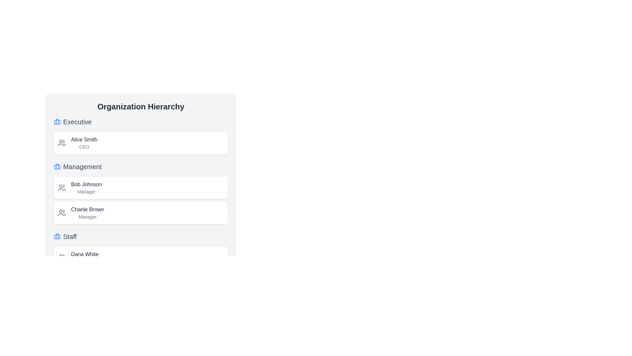 Image resolution: width=632 pixels, height=356 pixels. What do you see at coordinates (87, 217) in the screenshot?
I see `the text label indicating the role or title of 'Charlie Brown', located below the name in the 'Management' section of the hierarchy listing interface` at bounding box center [87, 217].